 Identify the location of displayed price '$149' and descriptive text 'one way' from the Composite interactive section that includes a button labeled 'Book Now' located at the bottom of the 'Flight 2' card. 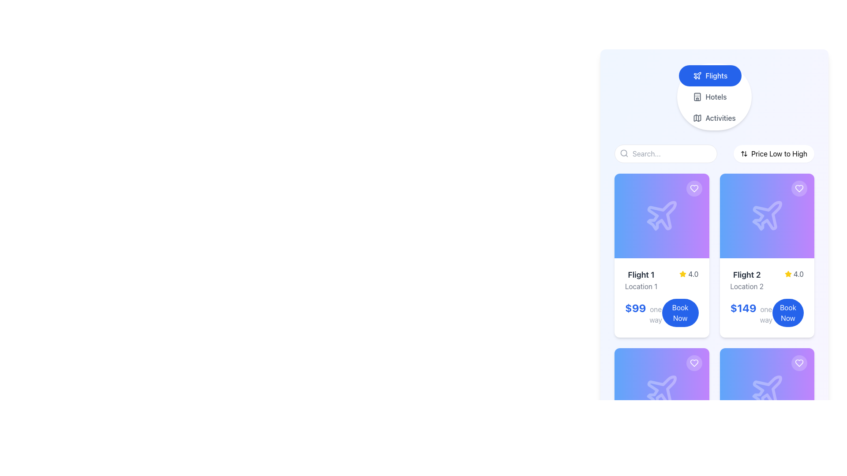
(766, 312).